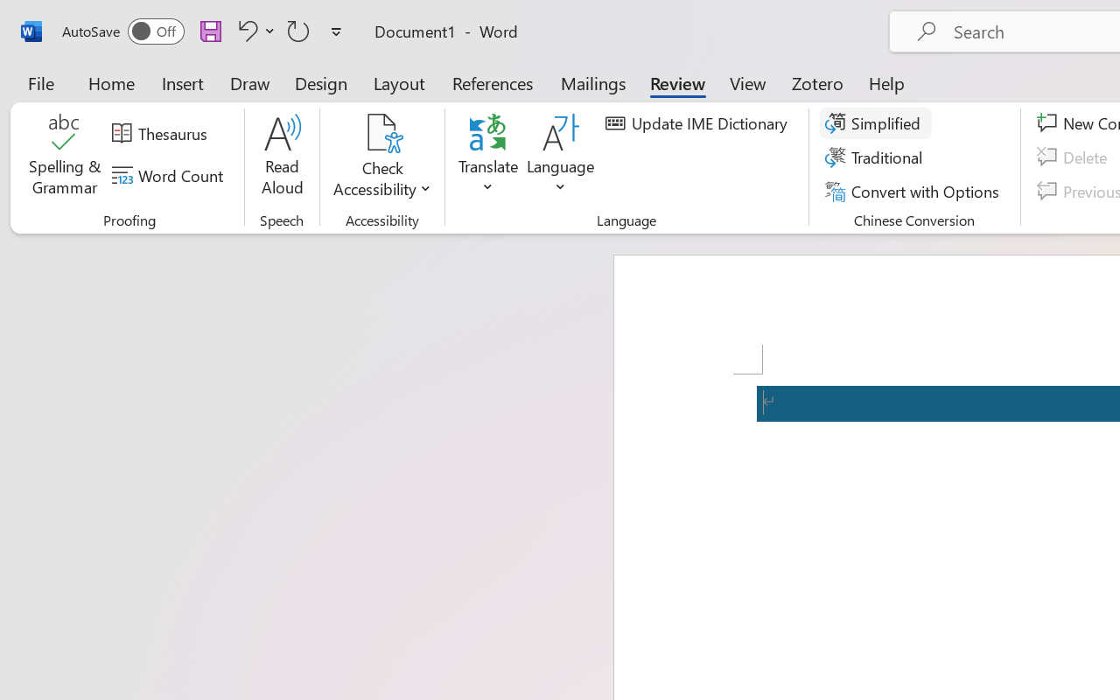  I want to click on 'Delete', so click(1074, 157).